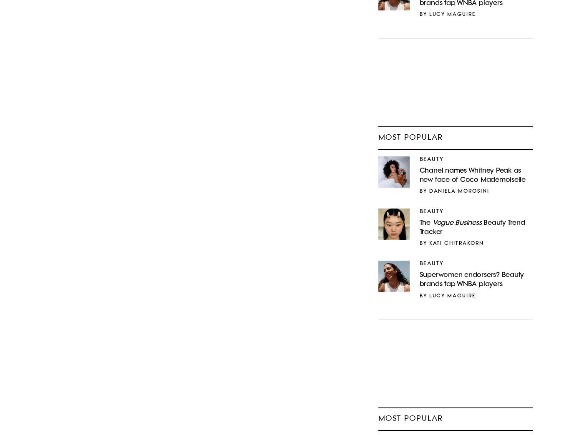  I want to click on 'Kati Chitrakorn', so click(456, 243).